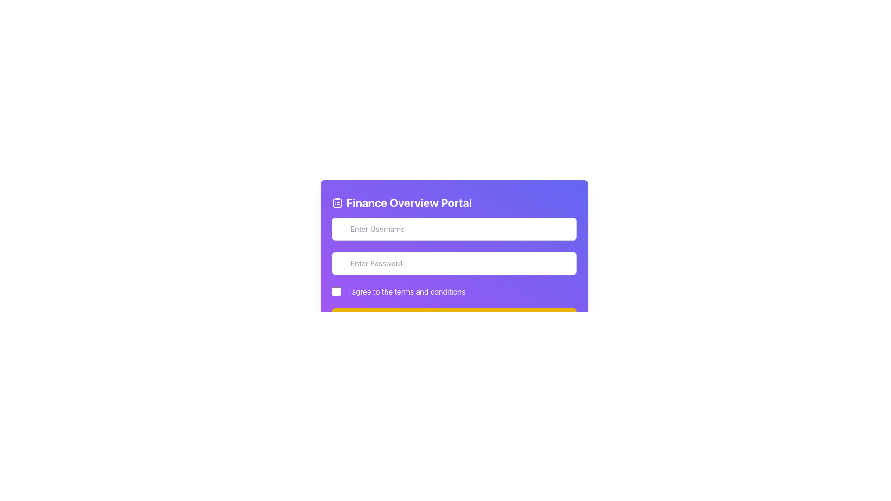  I want to click on text of the header element that identifies the 'Finance Overview Portal', which is the first visible content in the centered card and located above the user input fields, so click(454, 202).